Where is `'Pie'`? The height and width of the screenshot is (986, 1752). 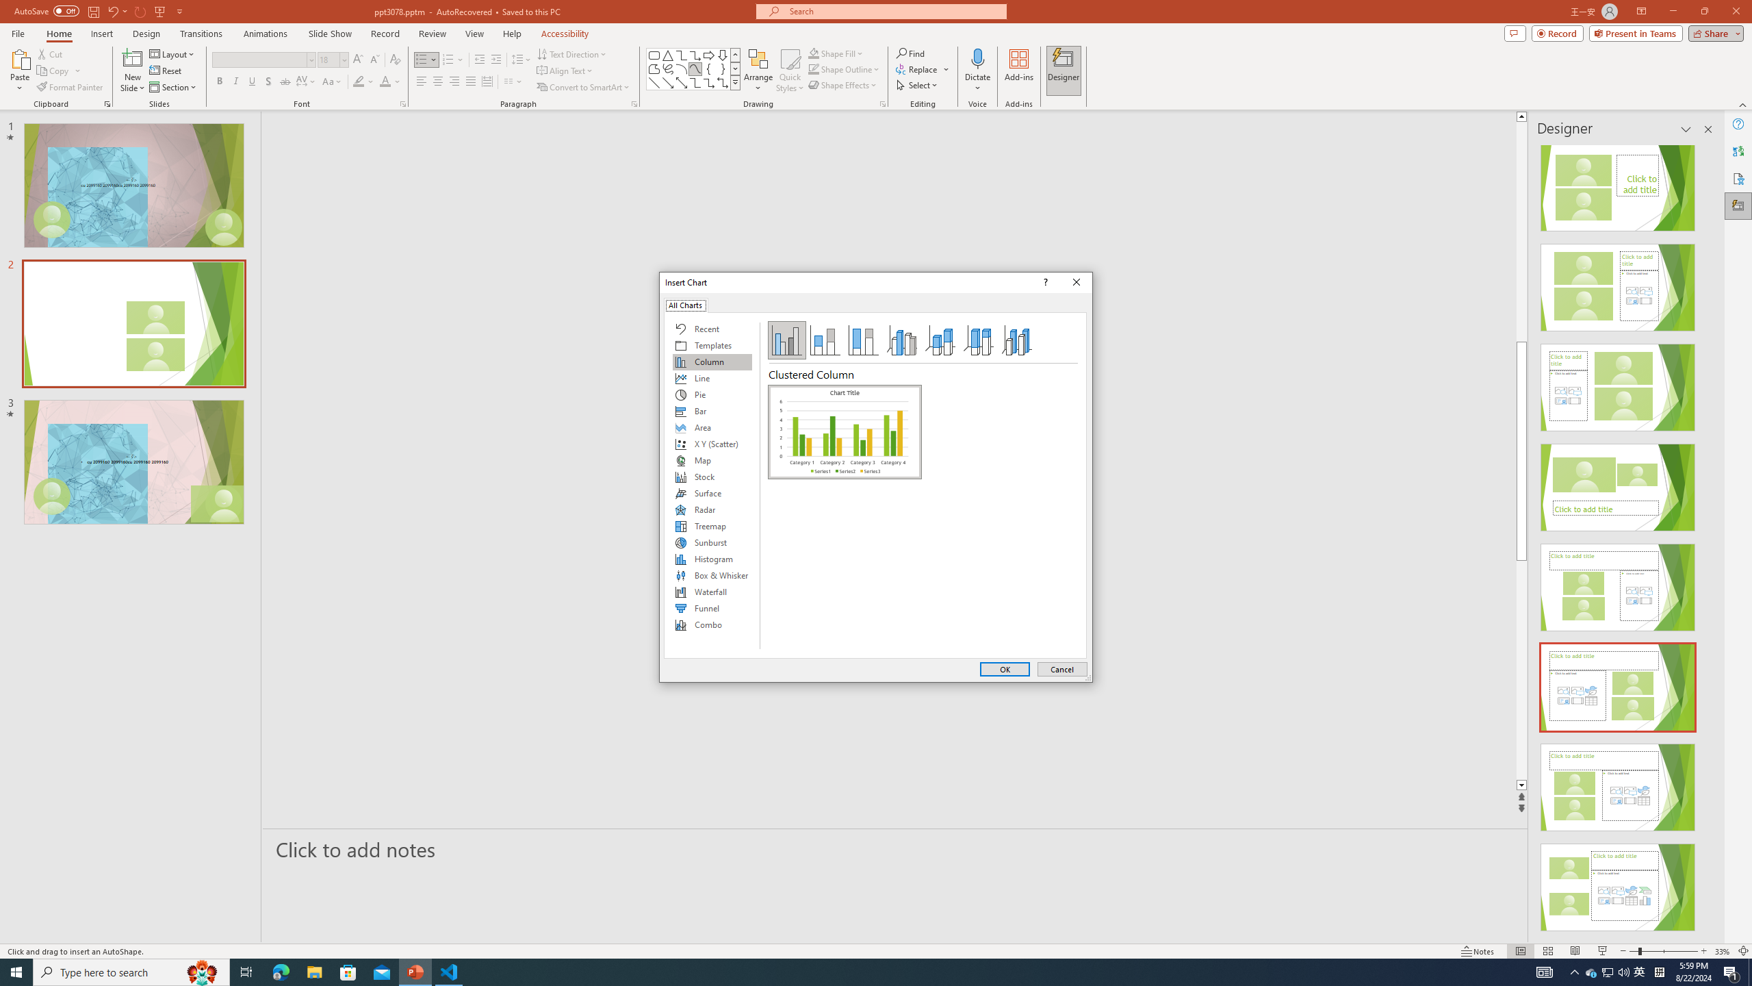 'Pie' is located at coordinates (711, 394).